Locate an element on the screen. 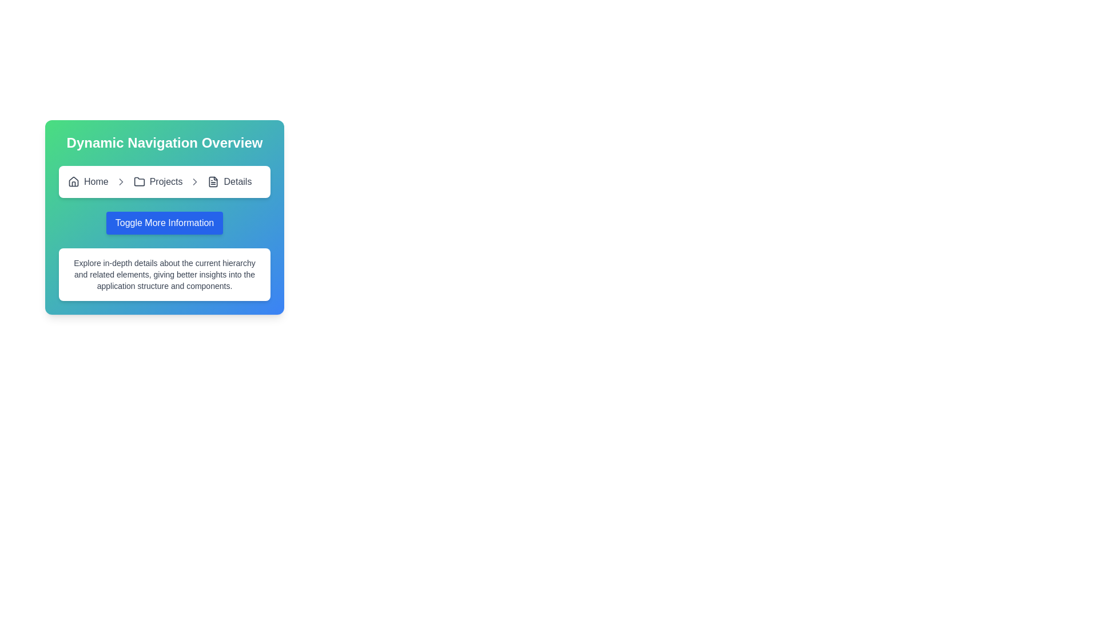 The width and height of the screenshot is (1098, 618). the visual appearance of the third chevron separator in the breadcrumb navigation bar, located between 'Projects' and 'Details' is located at coordinates (195, 181).